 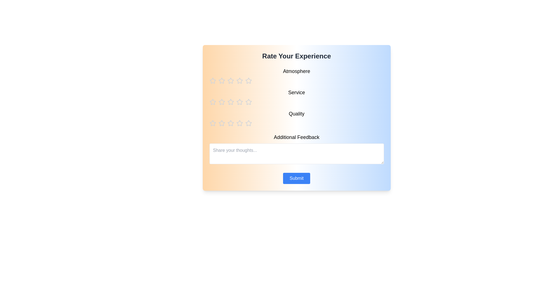 I want to click on the star corresponding to the rating 4 for the category service, so click(x=239, y=102).